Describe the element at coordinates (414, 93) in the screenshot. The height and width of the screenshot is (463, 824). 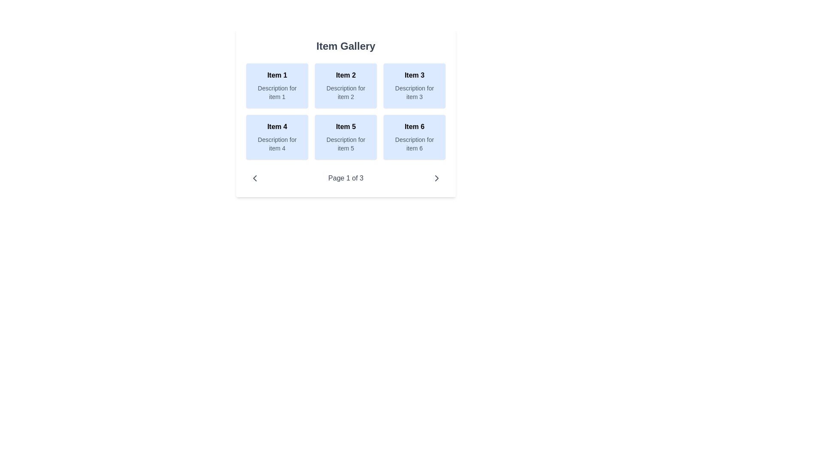
I see `the text field that contains the description 'Description for item 3', which is located below the header 'Item 3' in the third item of a grid layout` at that location.